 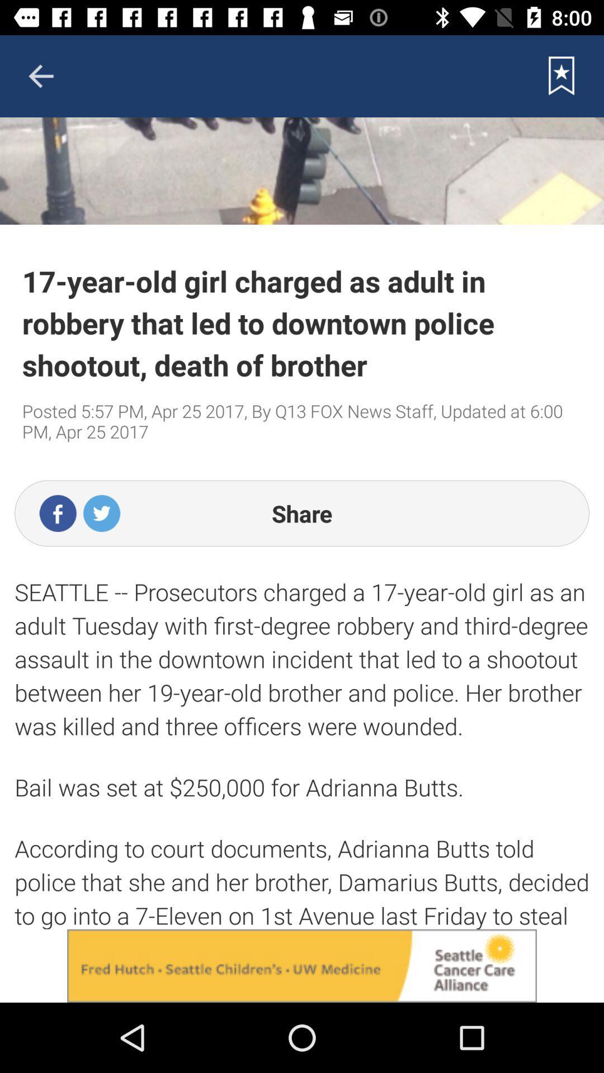 I want to click on for back, so click(x=40, y=75).